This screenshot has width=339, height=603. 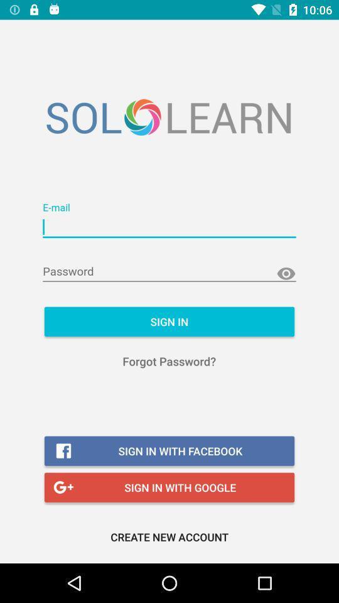 What do you see at coordinates (286, 274) in the screenshot?
I see `show password` at bounding box center [286, 274].